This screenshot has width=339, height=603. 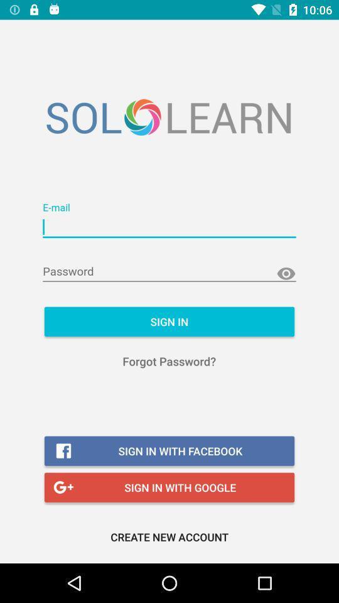 What do you see at coordinates (286, 274) in the screenshot?
I see `show password` at bounding box center [286, 274].